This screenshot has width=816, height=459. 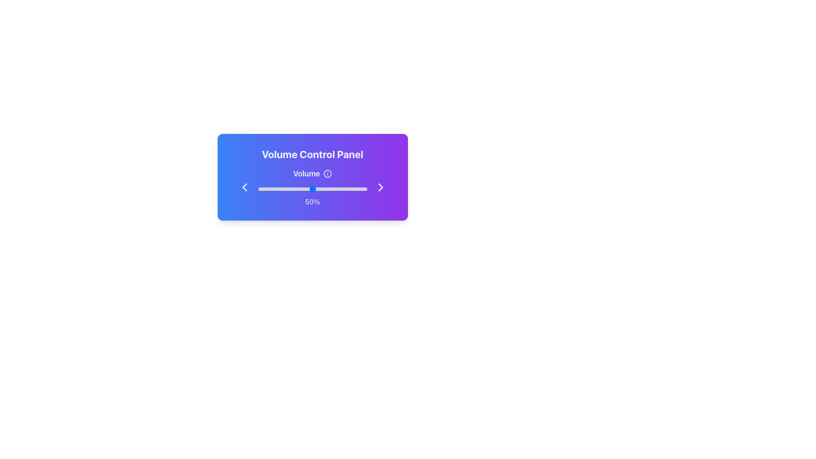 What do you see at coordinates (334, 188) in the screenshot?
I see `the volume level` at bounding box center [334, 188].